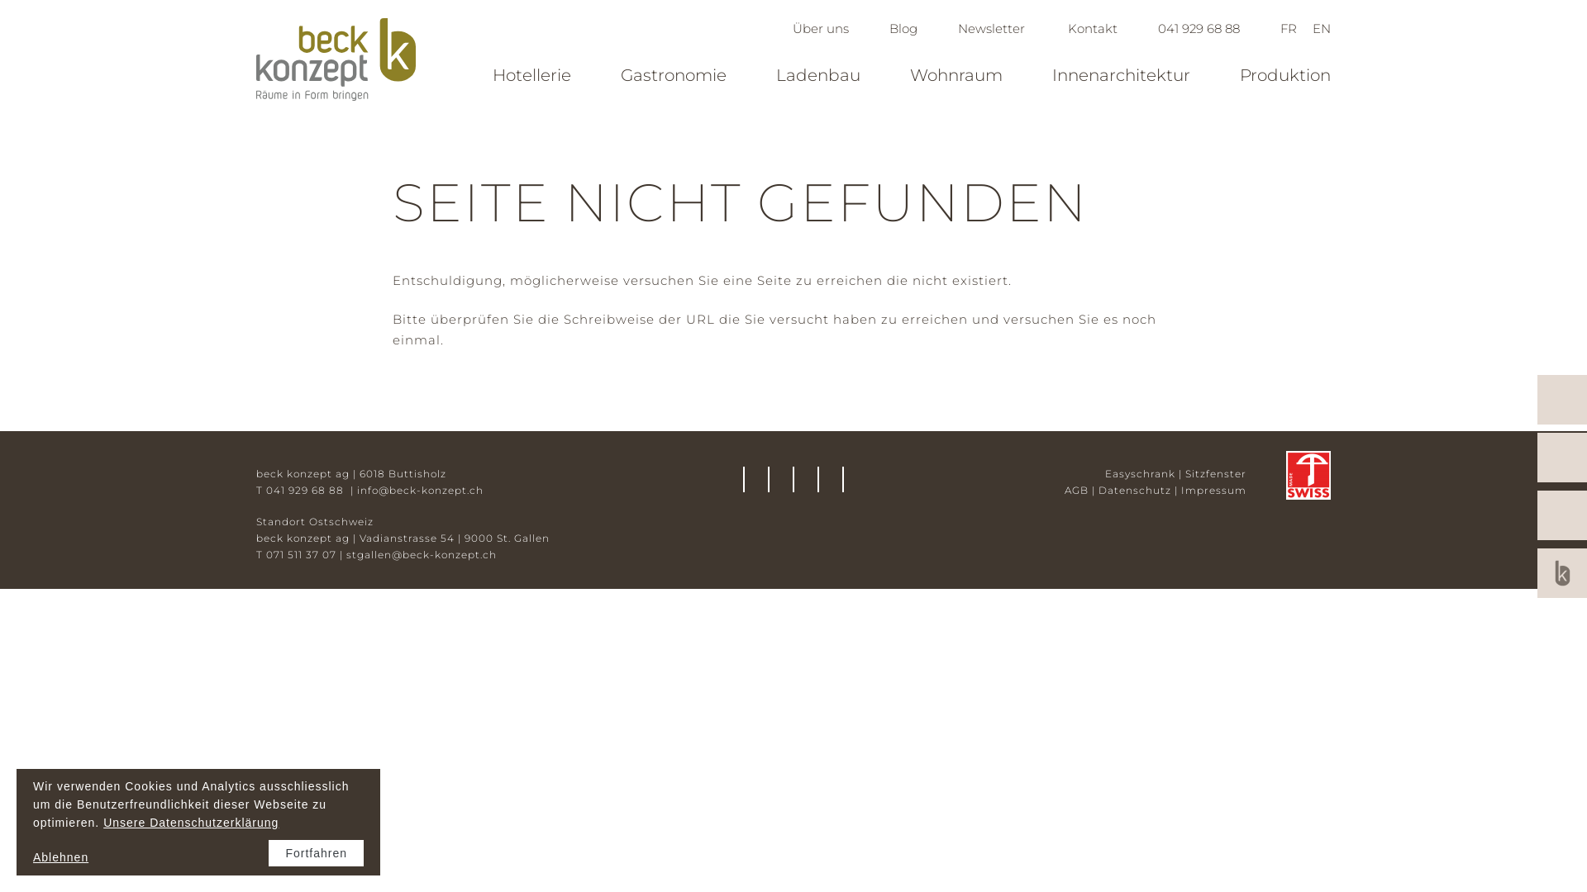  Describe the element at coordinates (674, 75) in the screenshot. I see `'Gastronomie'` at that location.